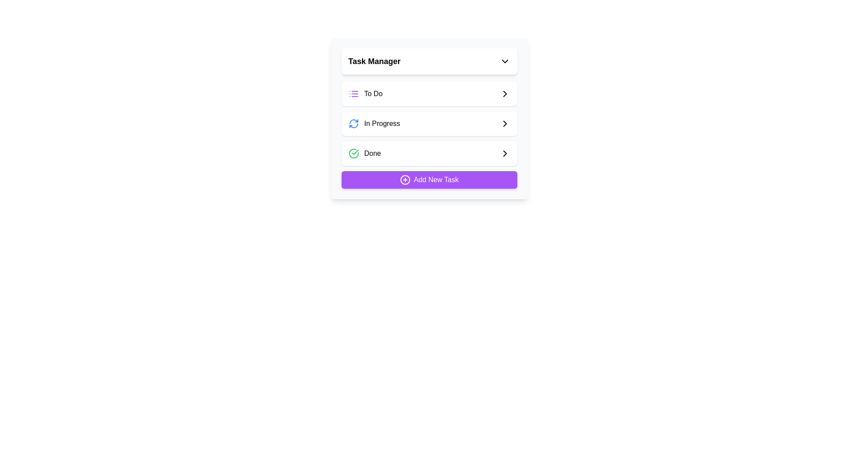 This screenshot has height=474, width=844. Describe the element at coordinates (505, 123) in the screenshot. I see `the rightward-pointing chevron icon located at the far-right of the 'In Progress' section` at that location.